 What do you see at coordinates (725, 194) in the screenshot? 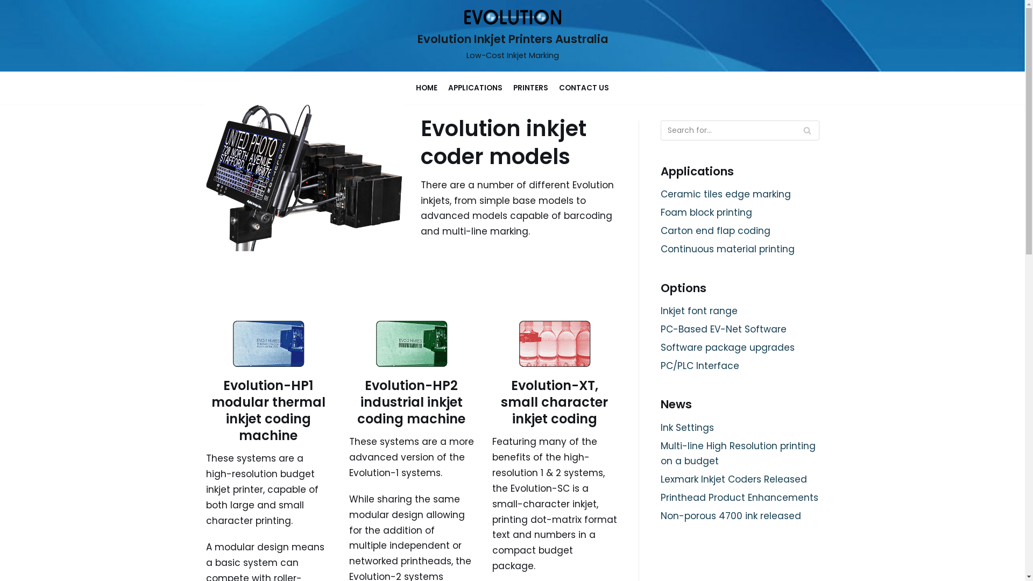
I see `'Ceramic tiles edge marking'` at bounding box center [725, 194].